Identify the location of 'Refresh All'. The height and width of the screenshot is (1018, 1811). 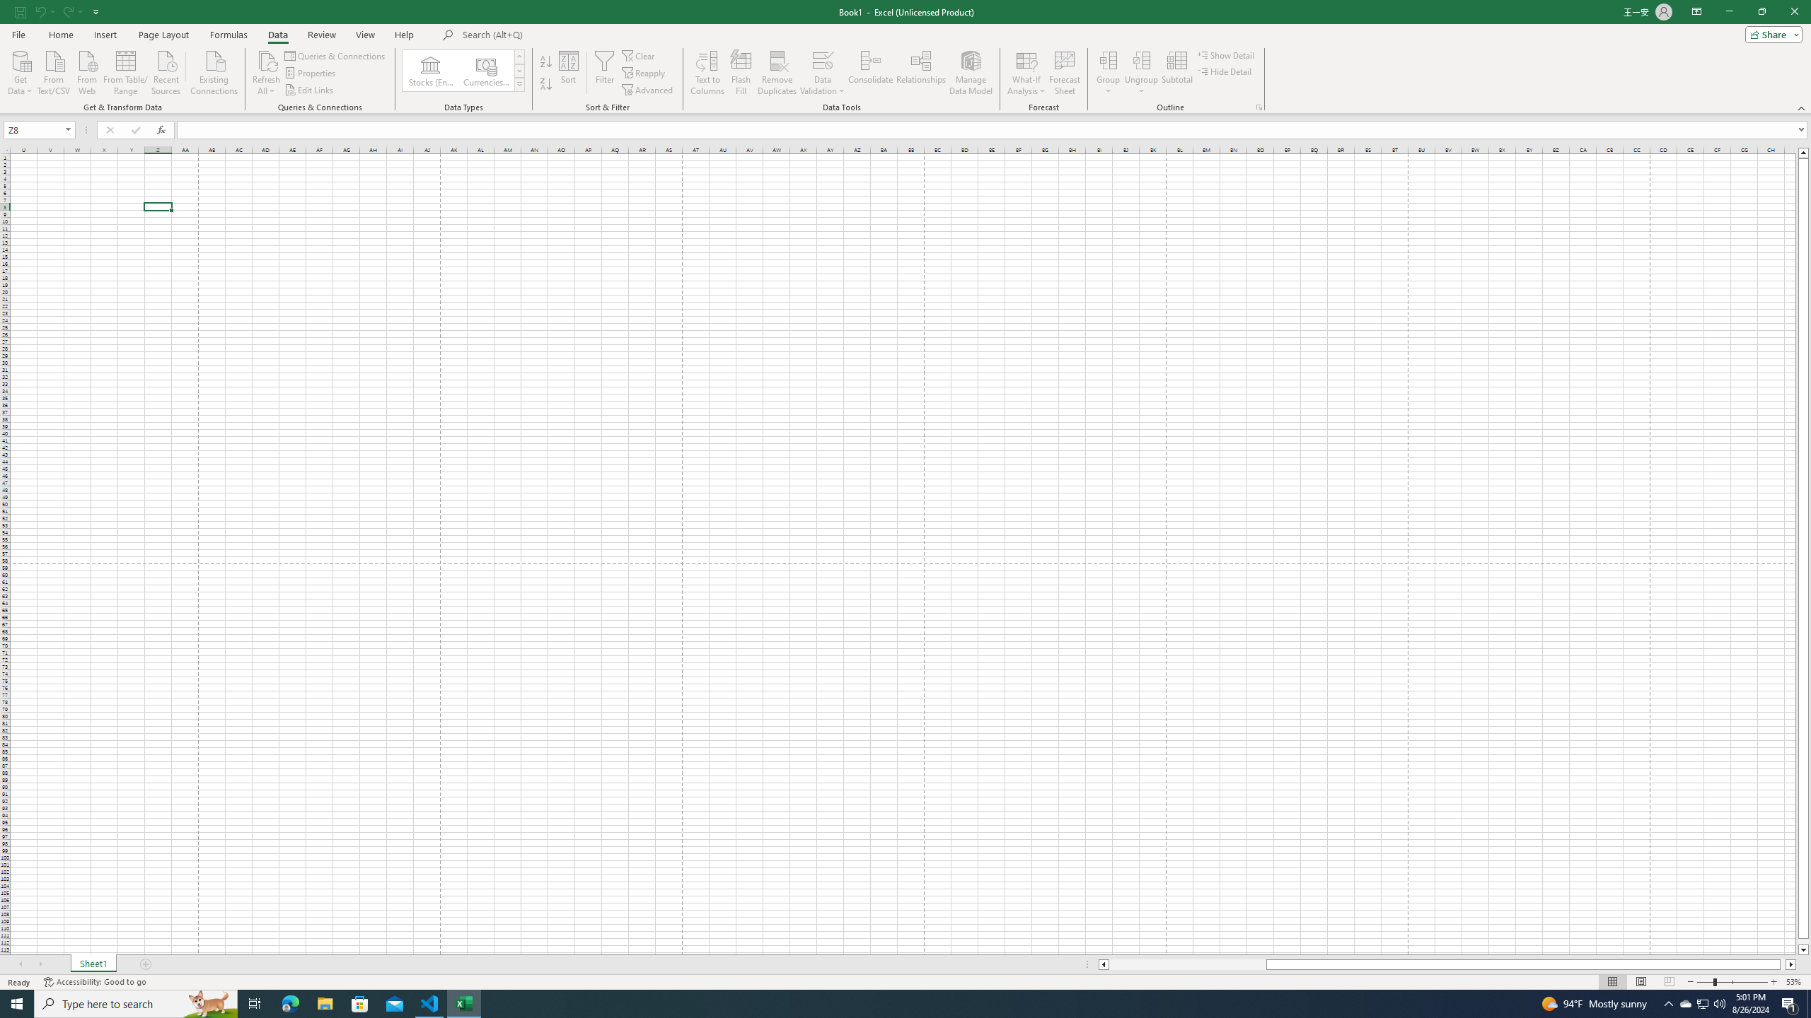
(266, 73).